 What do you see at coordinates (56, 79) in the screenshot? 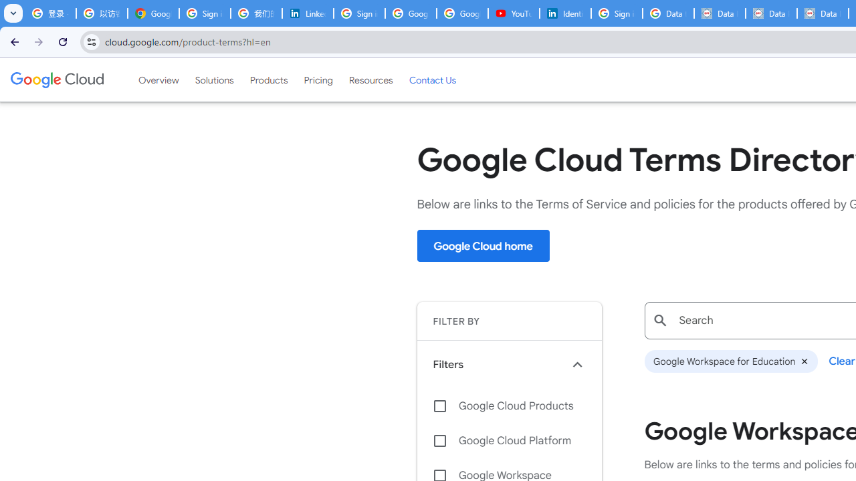
I see `'Google Cloud'` at bounding box center [56, 79].